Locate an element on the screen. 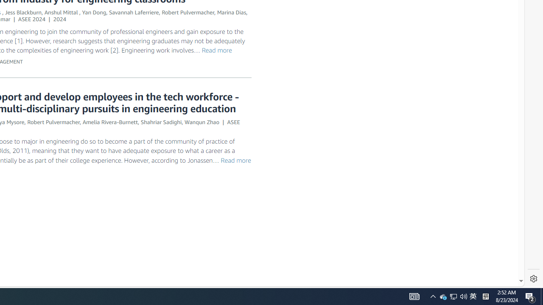  'Wanqun Zhao' is located at coordinates (201, 122).